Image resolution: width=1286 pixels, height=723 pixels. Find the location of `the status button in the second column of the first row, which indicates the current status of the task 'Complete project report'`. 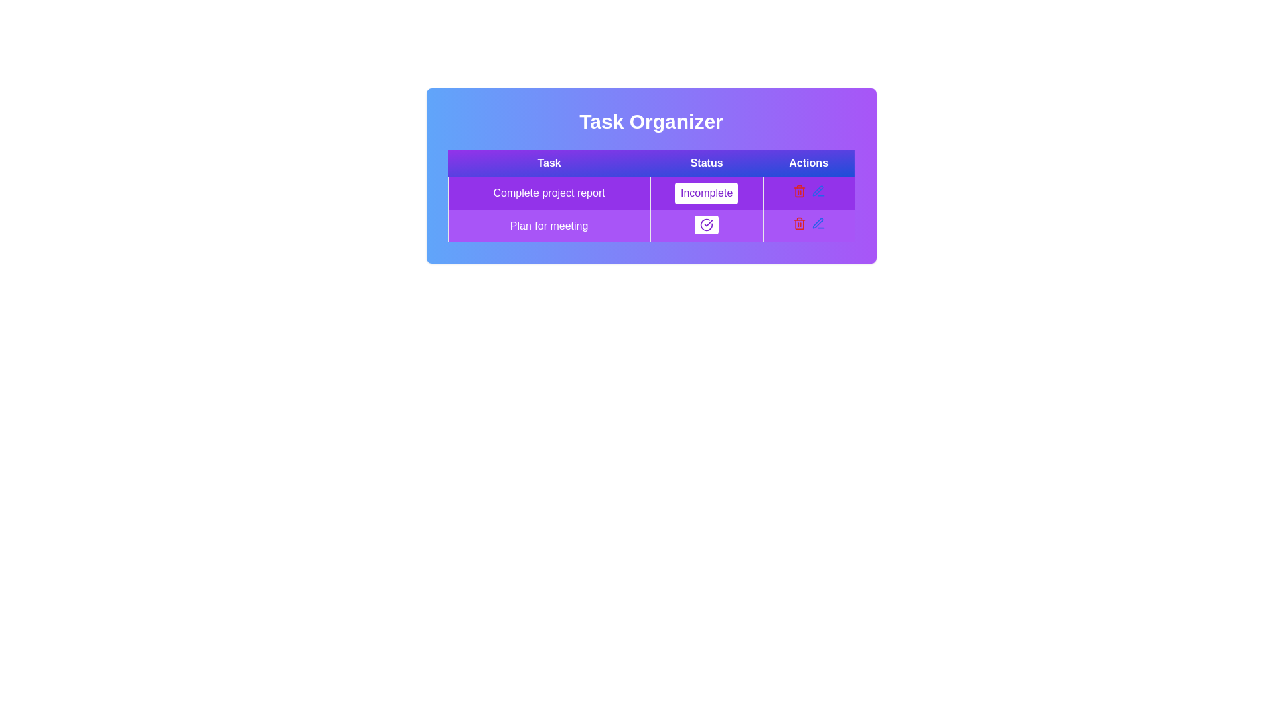

the status button in the second column of the first row, which indicates the current status of the task 'Complete project report' is located at coordinates (706, 193).